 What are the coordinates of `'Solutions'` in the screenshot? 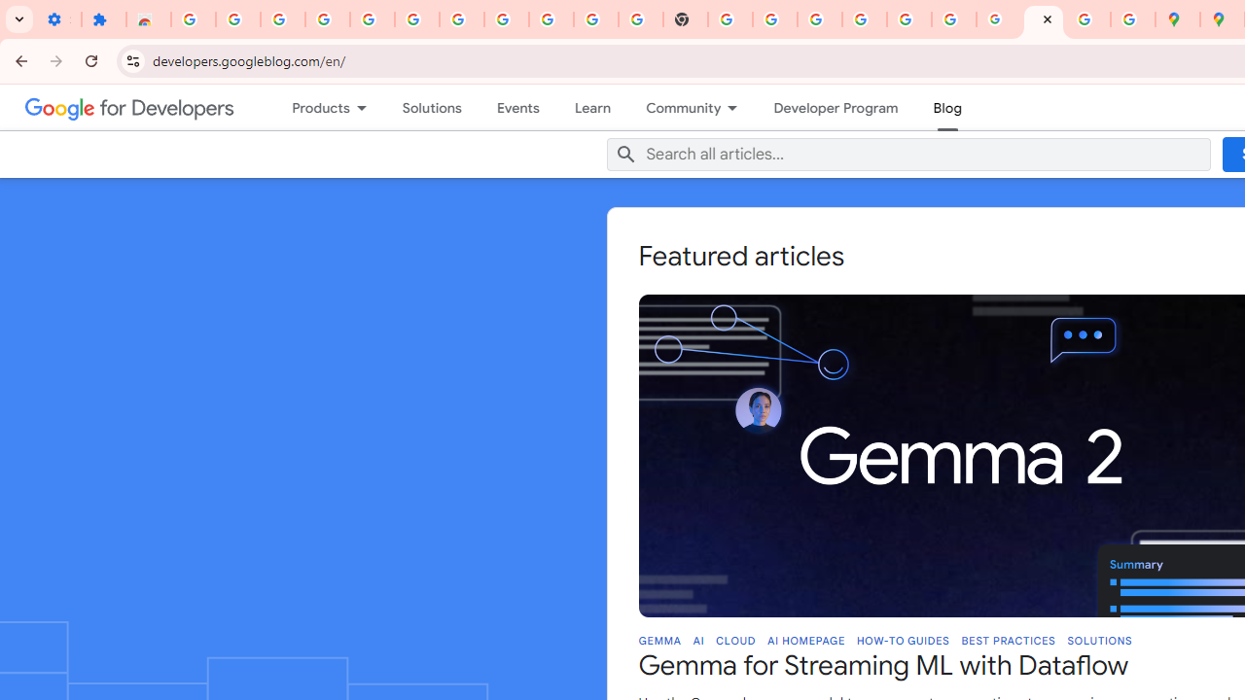 It's located at (431, 107).